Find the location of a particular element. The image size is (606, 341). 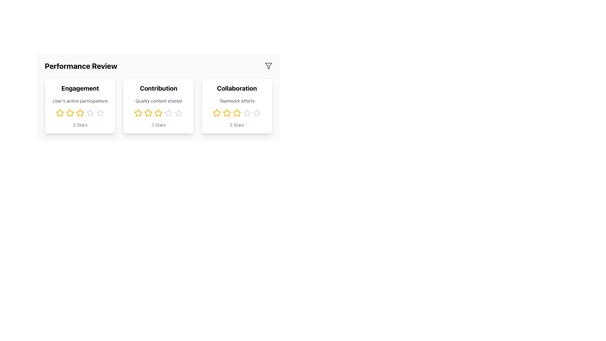

the descriptive text label located beneath the 'Collaboration' title and above the star rating display within the 'Collaboration' card is located at coordinates (236, 101).